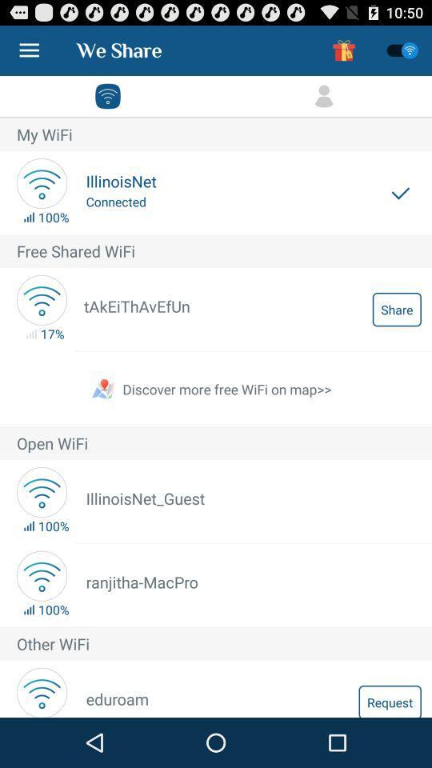 This screenshot has height=768, width=432. Describe the element at coordinates (396, 308) in the screenshot. I see `item below free shared wifi` at that location.